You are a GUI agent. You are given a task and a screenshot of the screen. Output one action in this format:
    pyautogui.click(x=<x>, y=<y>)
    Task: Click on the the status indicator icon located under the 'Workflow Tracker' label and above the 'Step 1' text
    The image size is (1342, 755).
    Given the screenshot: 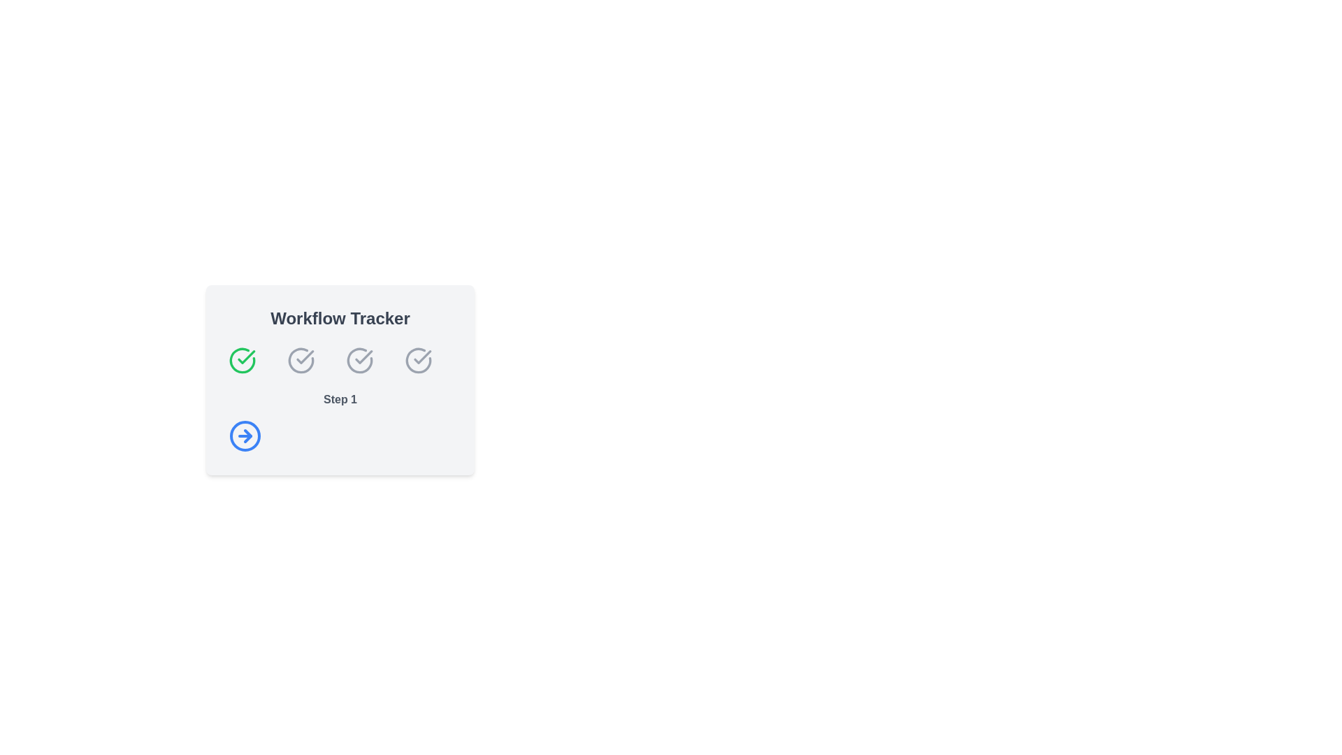 What is the action you would take?
    pyautogui.click(x=359, y=360)
    